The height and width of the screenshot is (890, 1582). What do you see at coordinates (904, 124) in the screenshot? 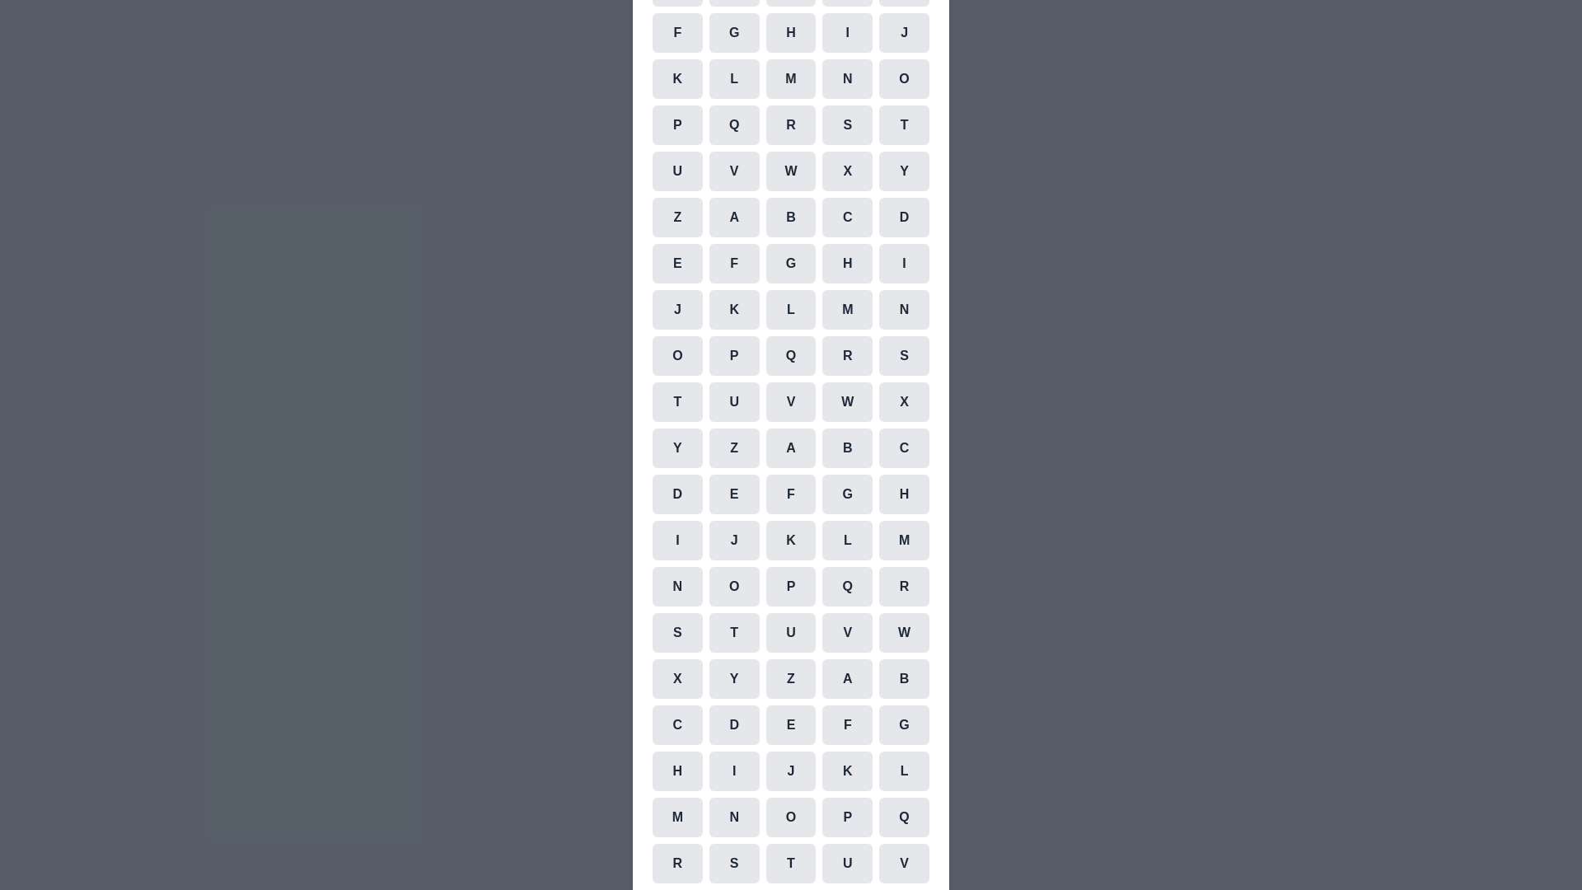
I see `the cell representing the character T` at bounding box center [904, 124].